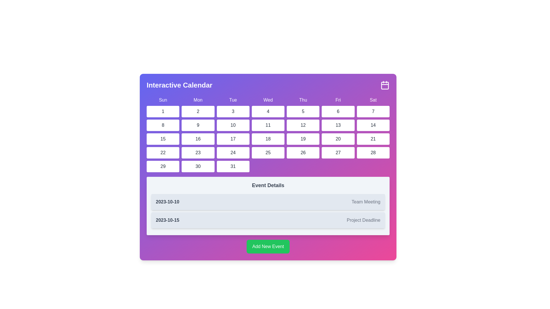 This screenshot has width=550, height=309. Describe the element at coordinates (338, 139) in the screenshot. I see `the button representing the date '20' in the calendar under 'Fri'` at that location.